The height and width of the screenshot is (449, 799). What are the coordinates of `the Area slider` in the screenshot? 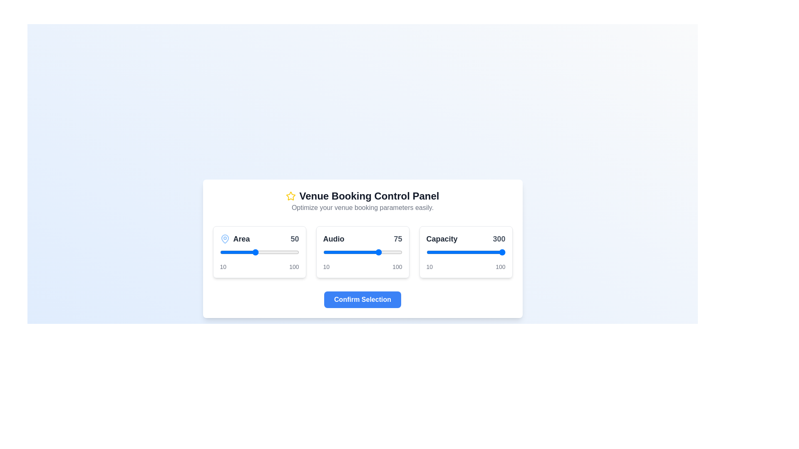 It's located at (297, 252).